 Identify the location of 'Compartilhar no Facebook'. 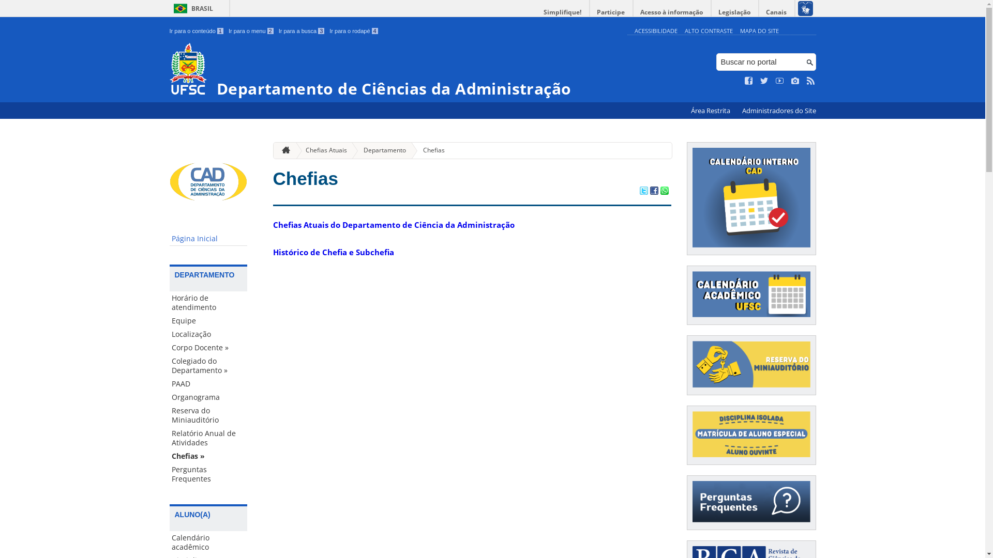
(653, 191).